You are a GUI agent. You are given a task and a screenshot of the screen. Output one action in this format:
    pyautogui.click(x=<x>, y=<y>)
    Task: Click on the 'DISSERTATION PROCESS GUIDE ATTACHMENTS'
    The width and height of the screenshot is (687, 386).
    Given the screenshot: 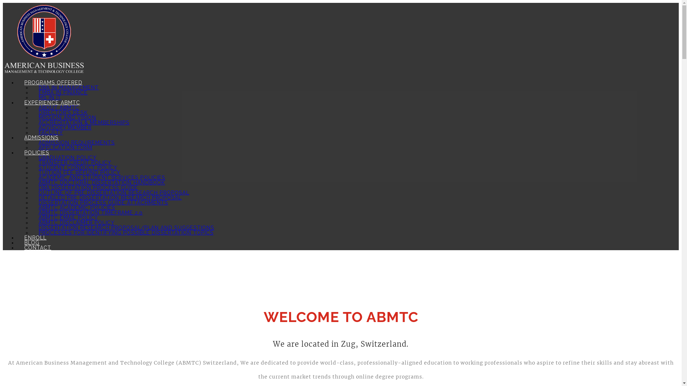 What is the action you would take?
    pyautogui.click(x=103, y=203)
    